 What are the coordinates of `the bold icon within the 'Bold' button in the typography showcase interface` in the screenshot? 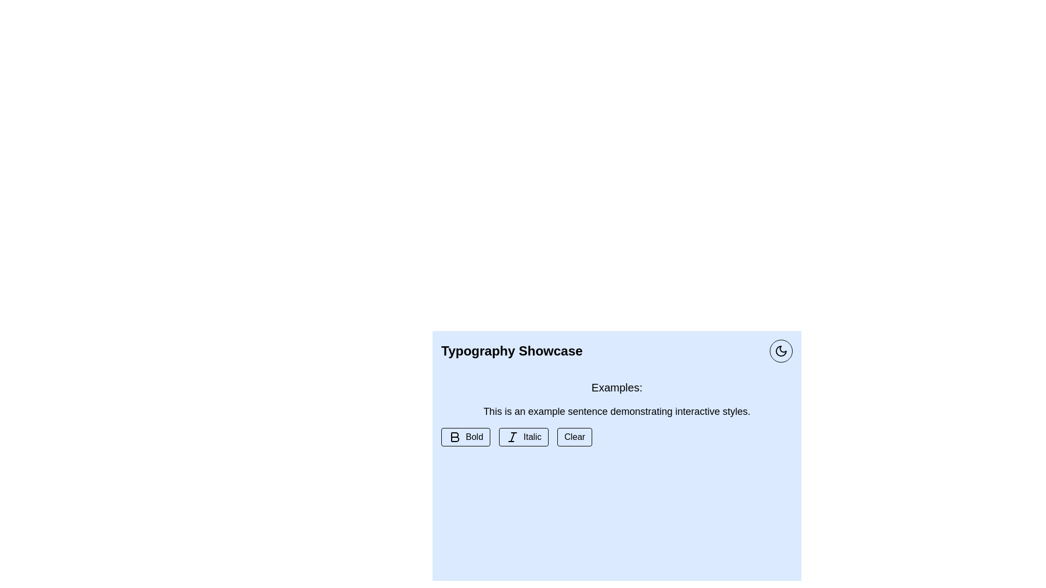 It's located at (455, 436).